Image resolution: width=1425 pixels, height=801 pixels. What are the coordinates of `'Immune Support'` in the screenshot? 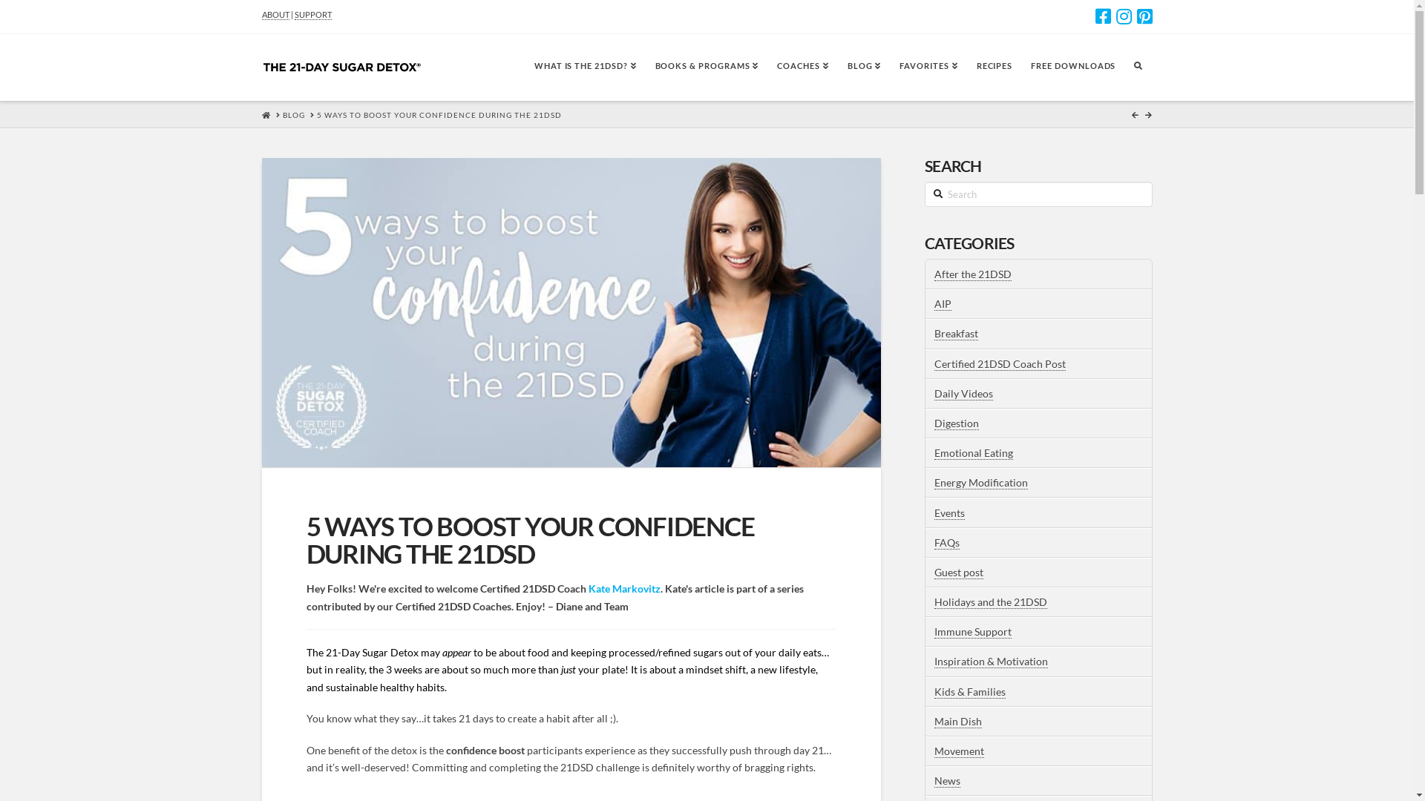 It's located at (972, 632).